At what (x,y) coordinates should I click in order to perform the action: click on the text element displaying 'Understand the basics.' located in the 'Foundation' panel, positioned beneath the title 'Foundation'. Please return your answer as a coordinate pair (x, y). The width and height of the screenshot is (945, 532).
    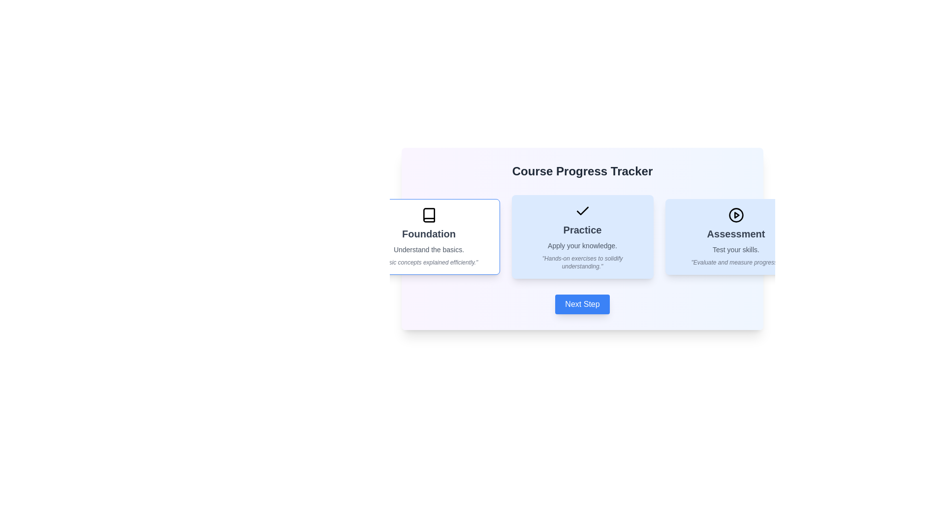
    Looking at the image, I should click on (429, 249).